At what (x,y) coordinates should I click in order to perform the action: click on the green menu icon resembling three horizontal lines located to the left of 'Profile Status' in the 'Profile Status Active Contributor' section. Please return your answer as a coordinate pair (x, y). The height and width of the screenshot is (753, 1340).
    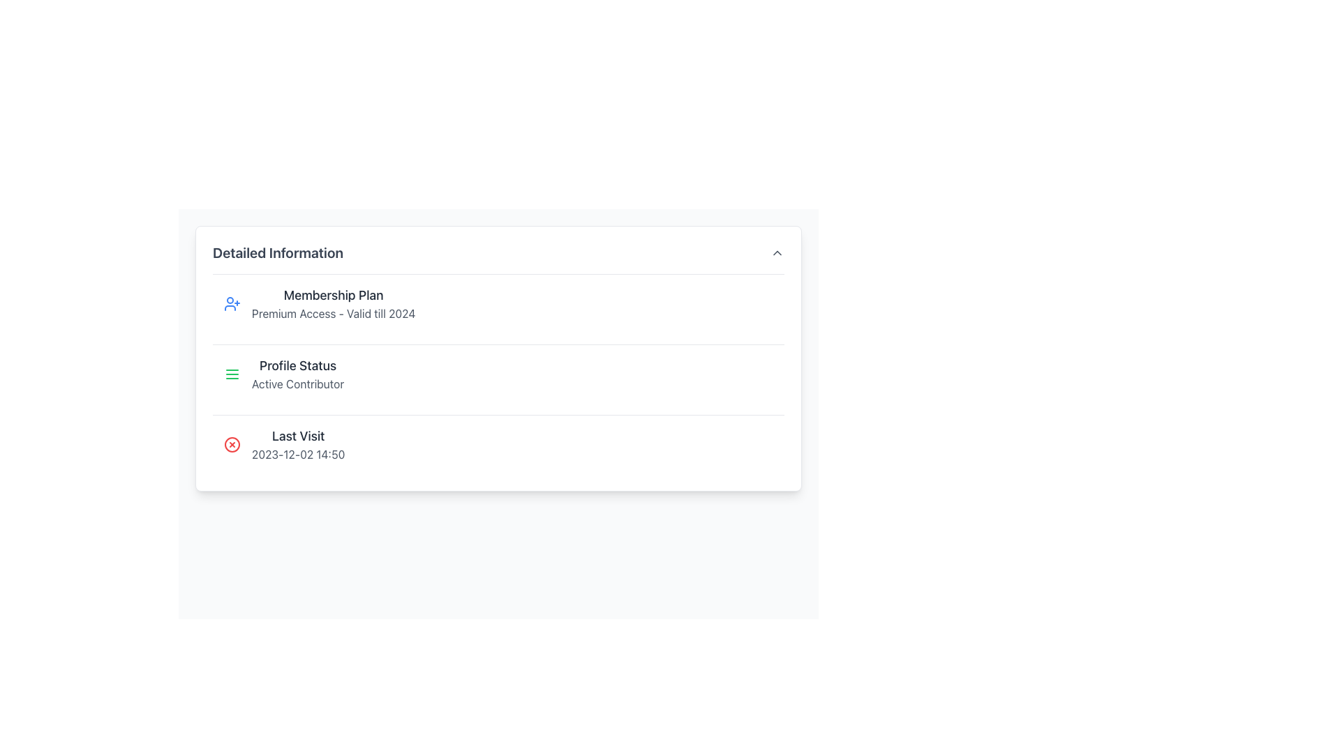
    Looking at the image, I should click on (232, 373).